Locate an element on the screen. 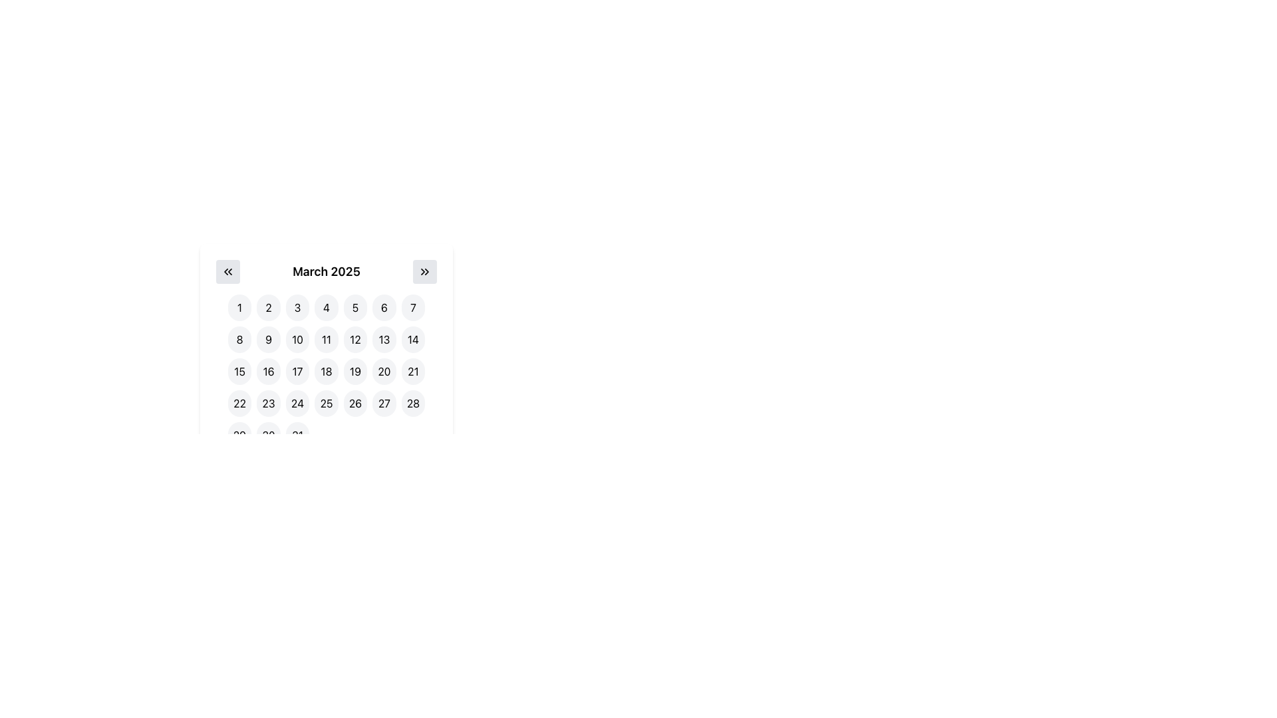 The image size is (1277, 718). the button representing the 29th day of March 2025 in the calendar interface is located at coordinates (239, 435).